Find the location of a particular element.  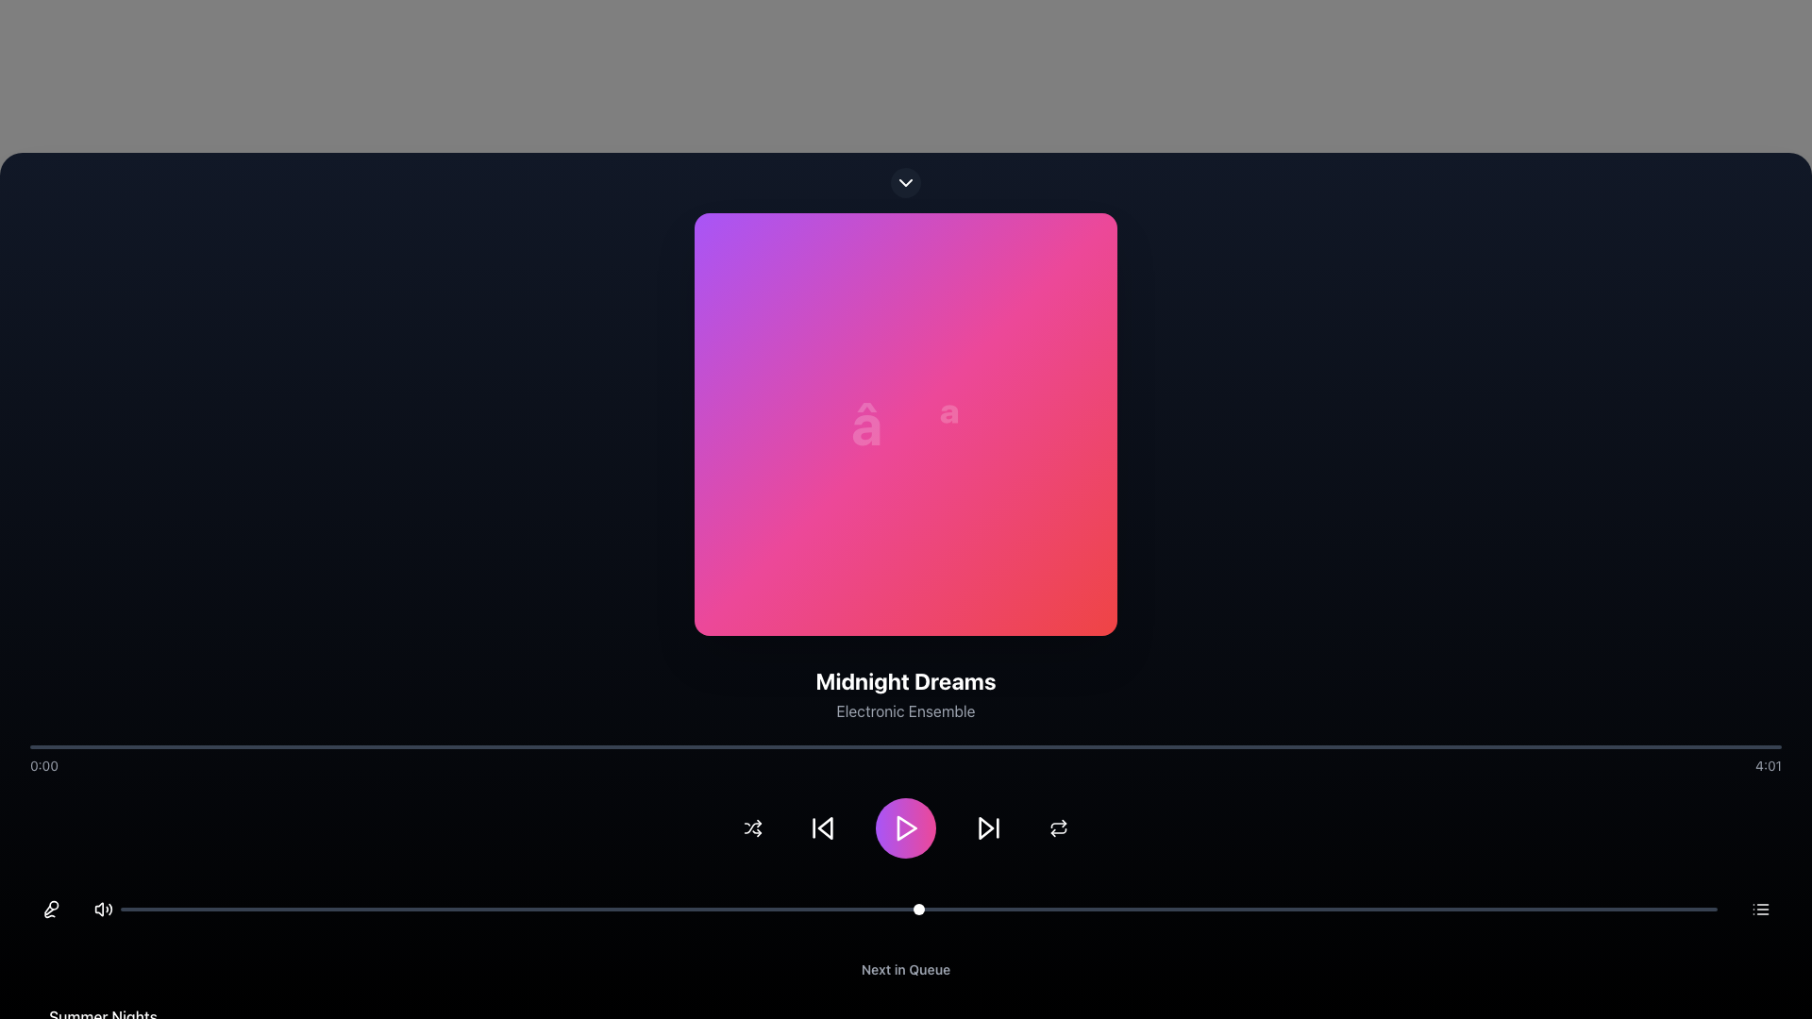

the microphone toggle button located in the lower-left corner of the interface is located at coordinates (50, 909).